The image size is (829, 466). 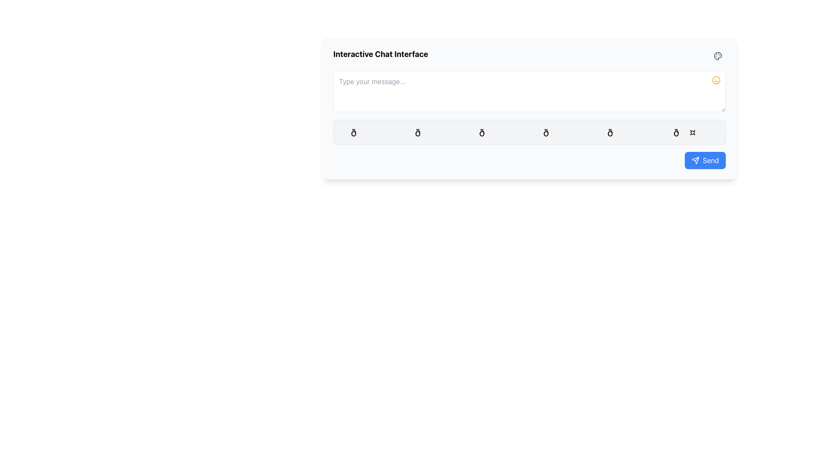 I want to click on the sixth emoji-like button located in a light gray box below the text input field, so click(x=689, y=132).